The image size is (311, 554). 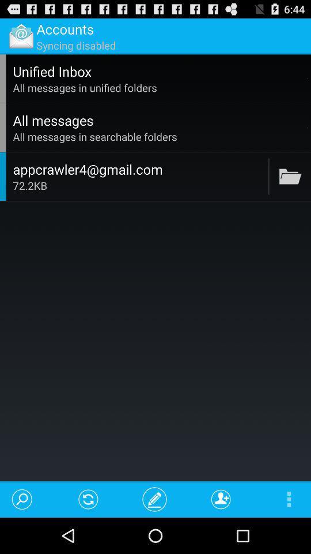 What do you see at coordinates (268, 176) in the screenshot?
I see `app next to the appcrawler4@gmail.com item` at bounding box center [268, 176].